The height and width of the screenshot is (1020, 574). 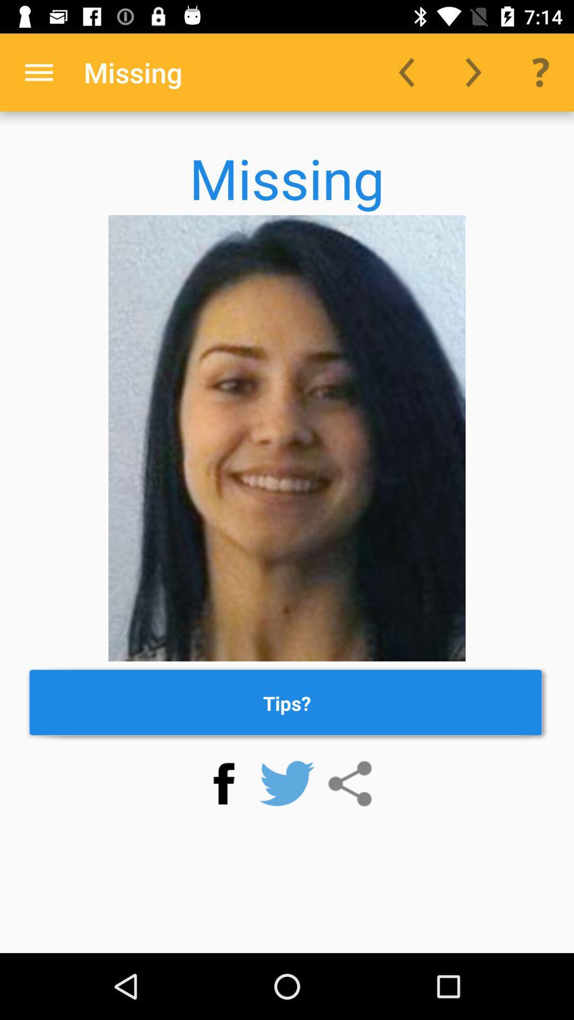 What do you see at coordinates (223, 784) in the screenshot?
I see `the facebook icon` at bounding box center [223, 784].